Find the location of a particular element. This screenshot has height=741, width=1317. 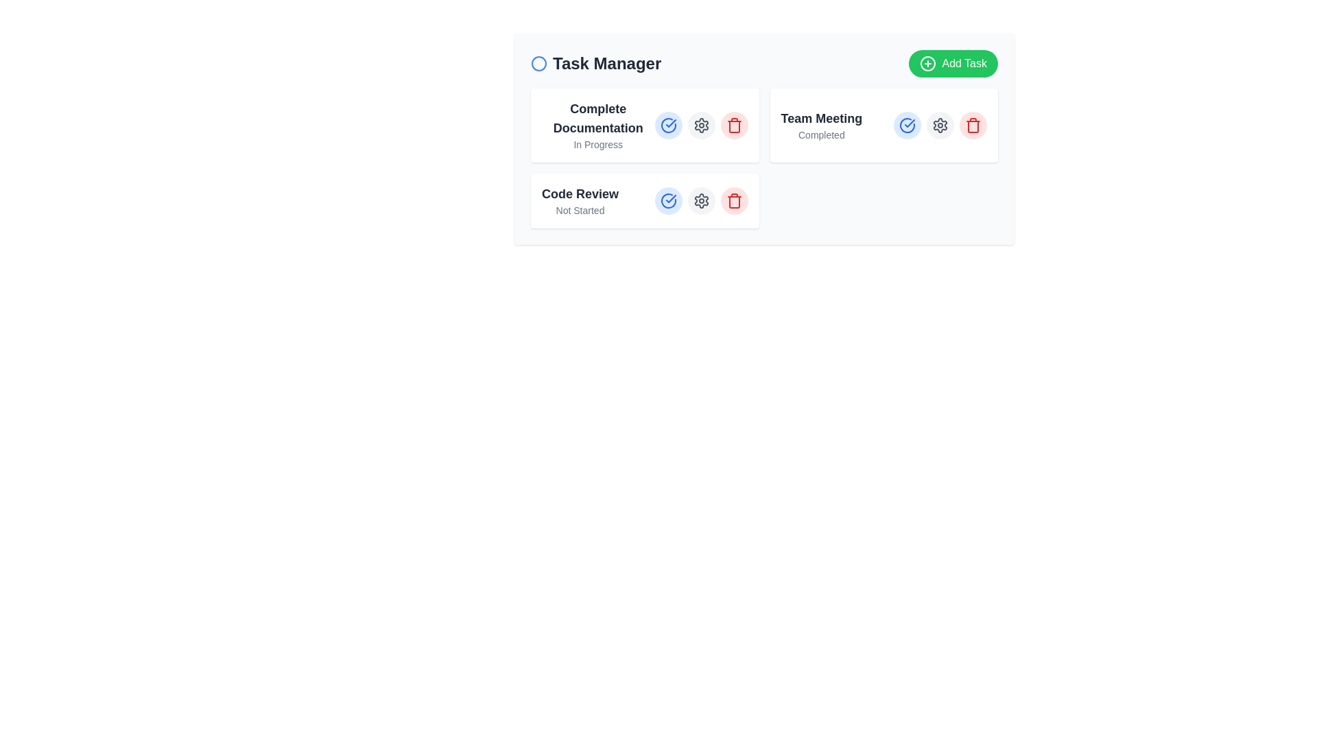

the settings icon (cog symbol) located at the center of the 'Complete Documentation' task entry is located at coordinates (701, 201).